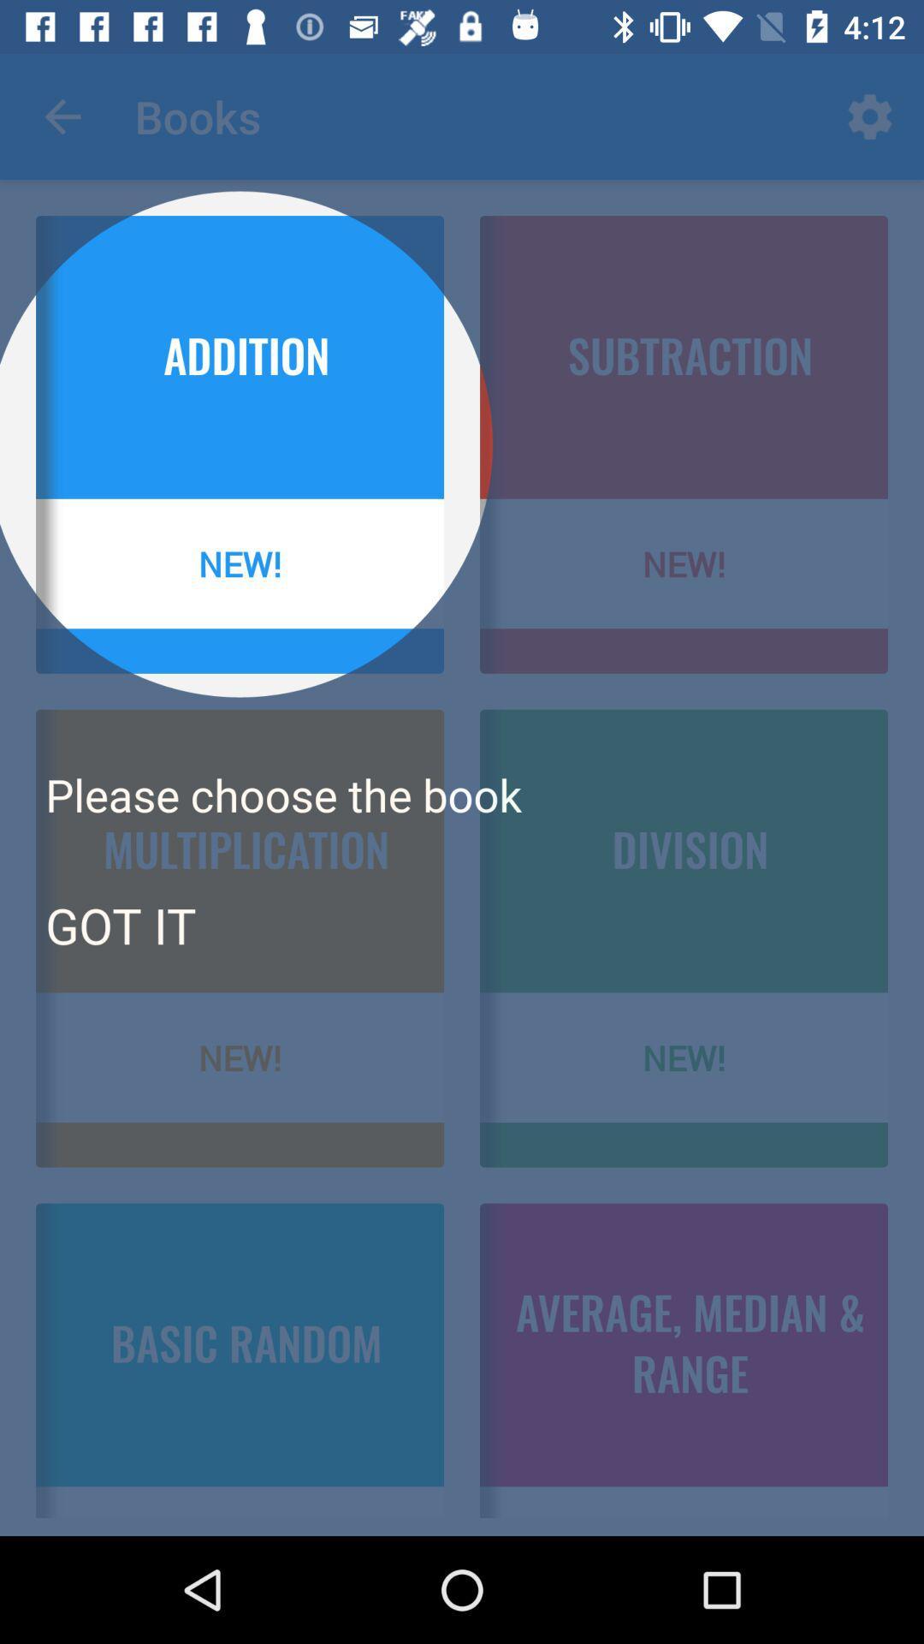  I want to click on item to the left of division, so click(120, 924).